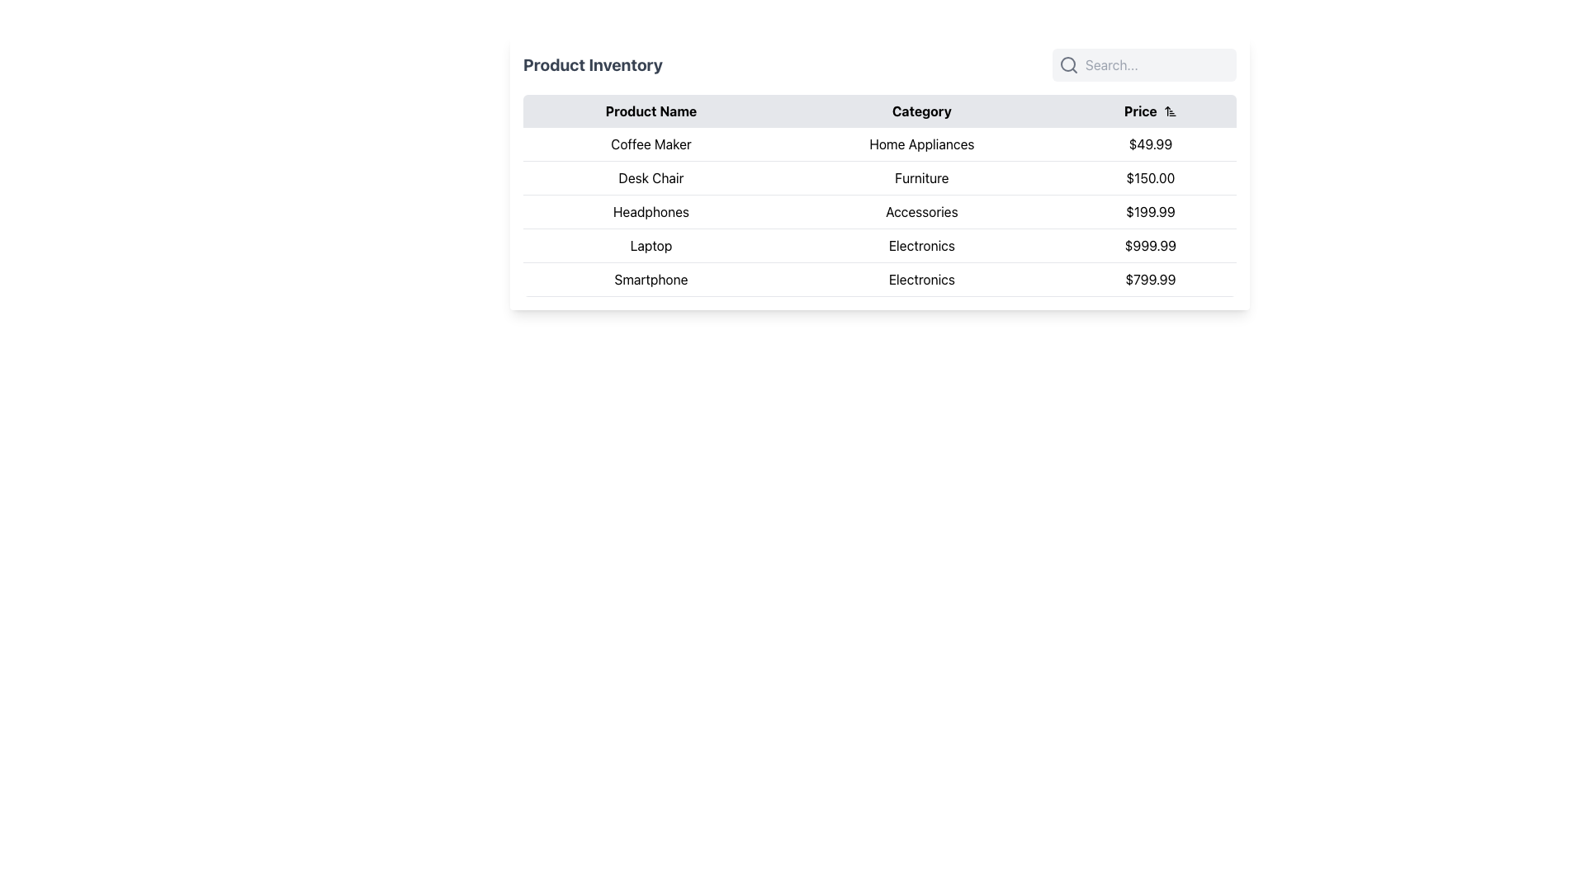  Describe the element at coordinates (1149, 279) in the screenshot. I see `the text label displaying the price '$799.99' in black font, located in the 'Price' column of the table aligned with the 'Smartphone' product` at that location.